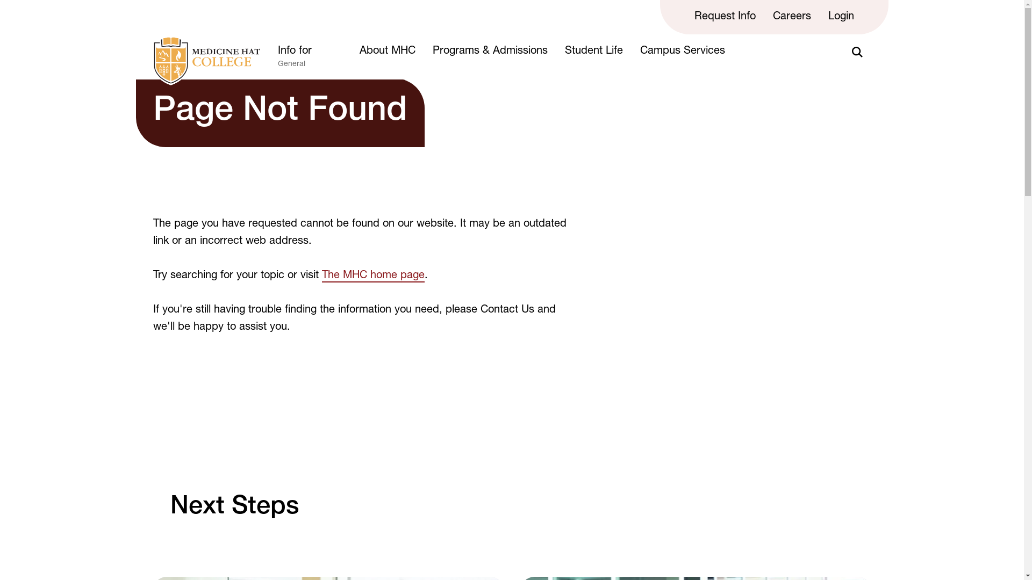 Image resolution: width=1032 pixels, height=580 pixels. Describe the element at coordinates (792, 17) in the screenshot. I see `'Careers'` at that location.